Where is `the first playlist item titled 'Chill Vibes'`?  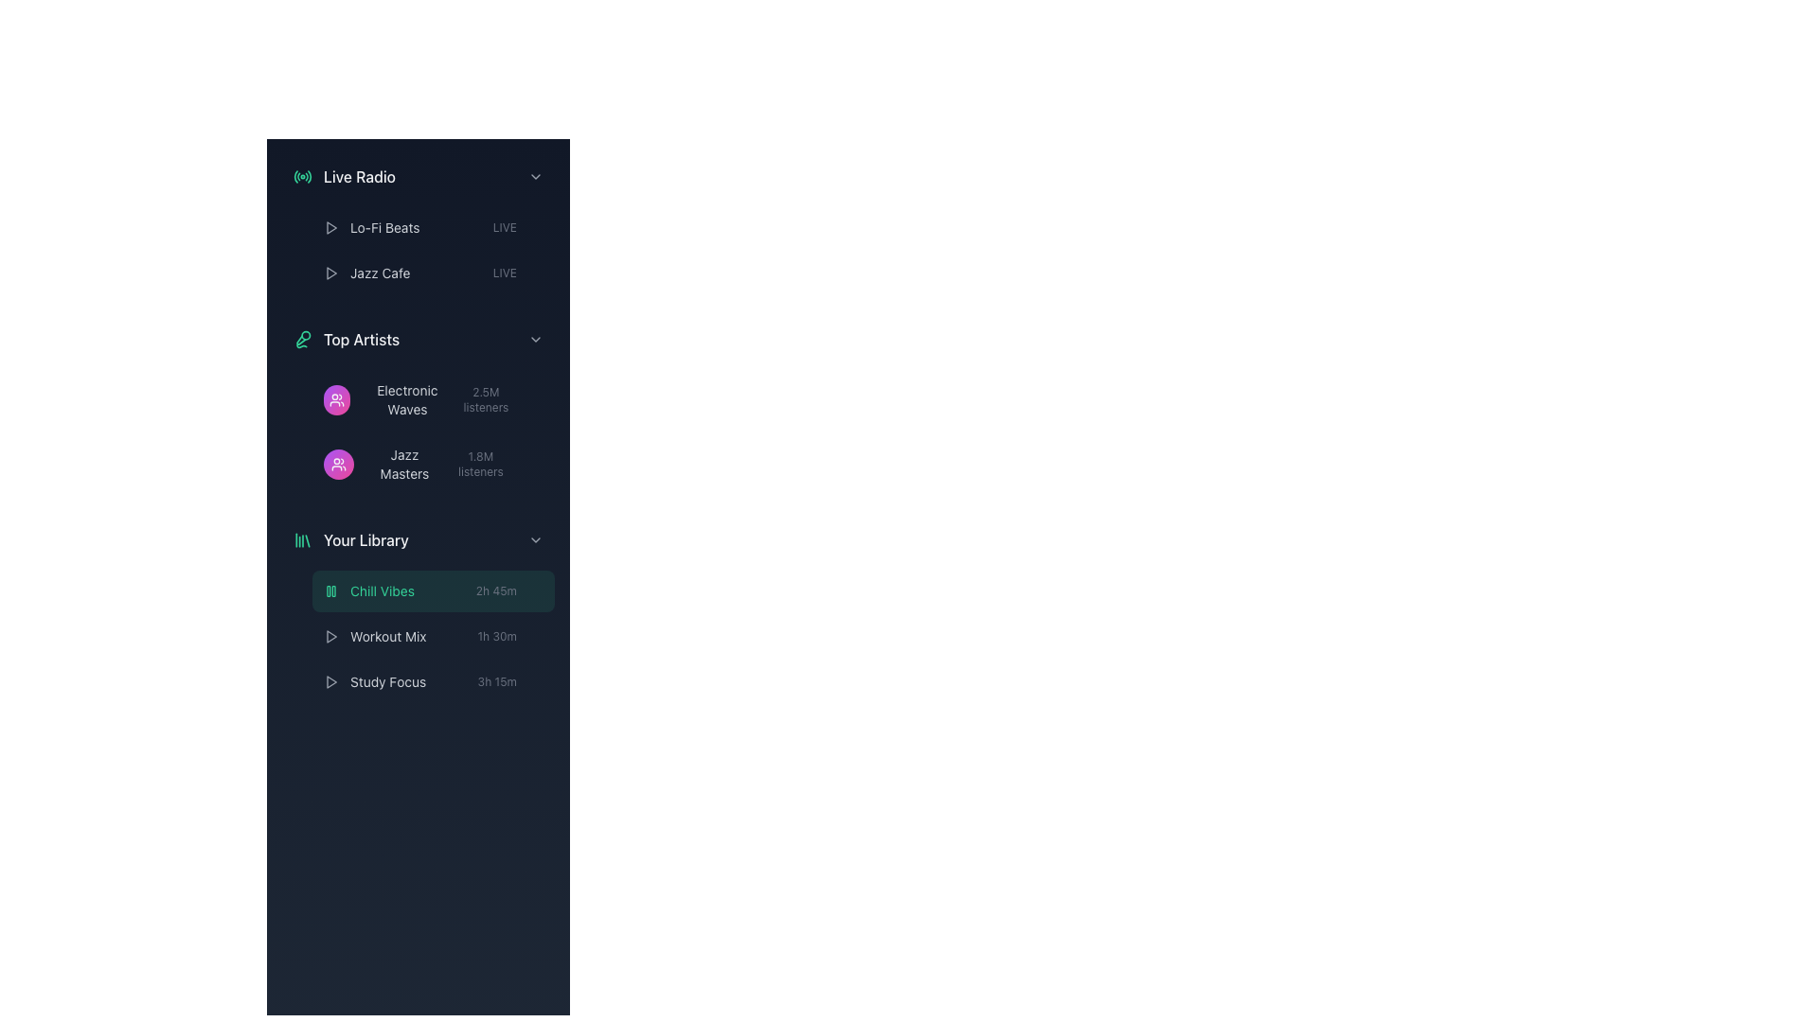
the first playlist item titled 'Chill Vibes' is located at coordinates (432, 590).